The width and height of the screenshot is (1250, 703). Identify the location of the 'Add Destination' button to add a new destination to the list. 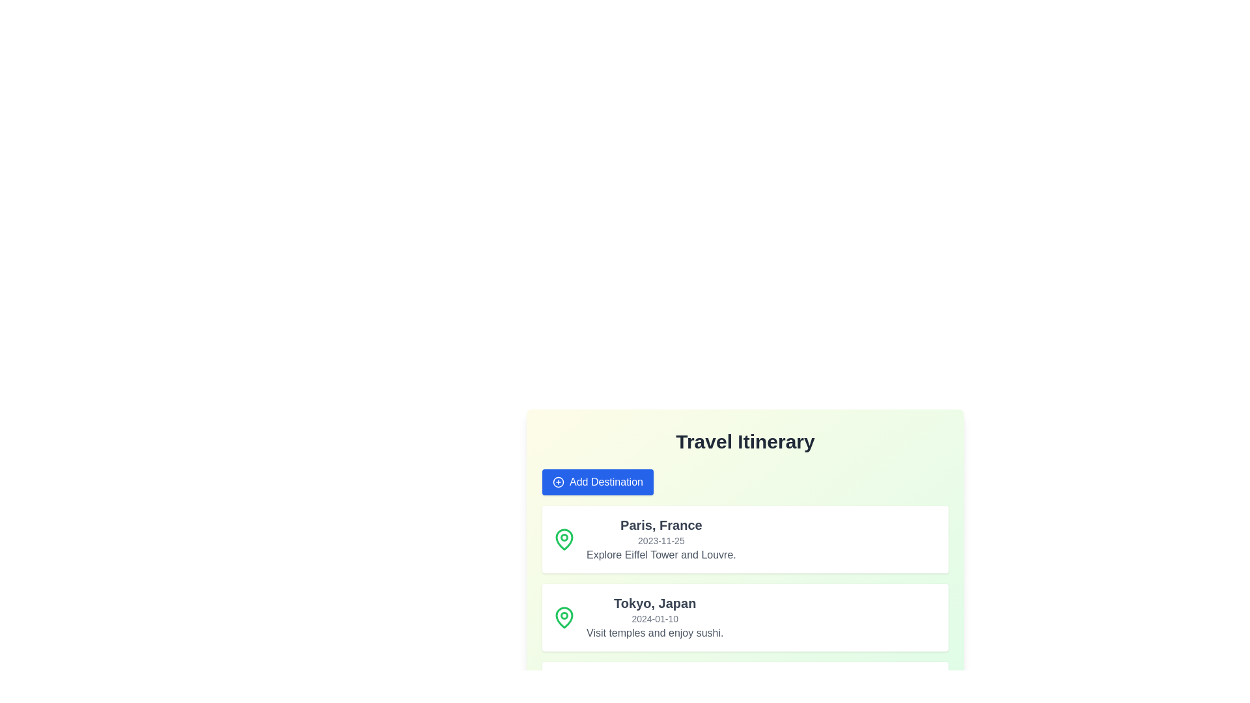
(596, 482).